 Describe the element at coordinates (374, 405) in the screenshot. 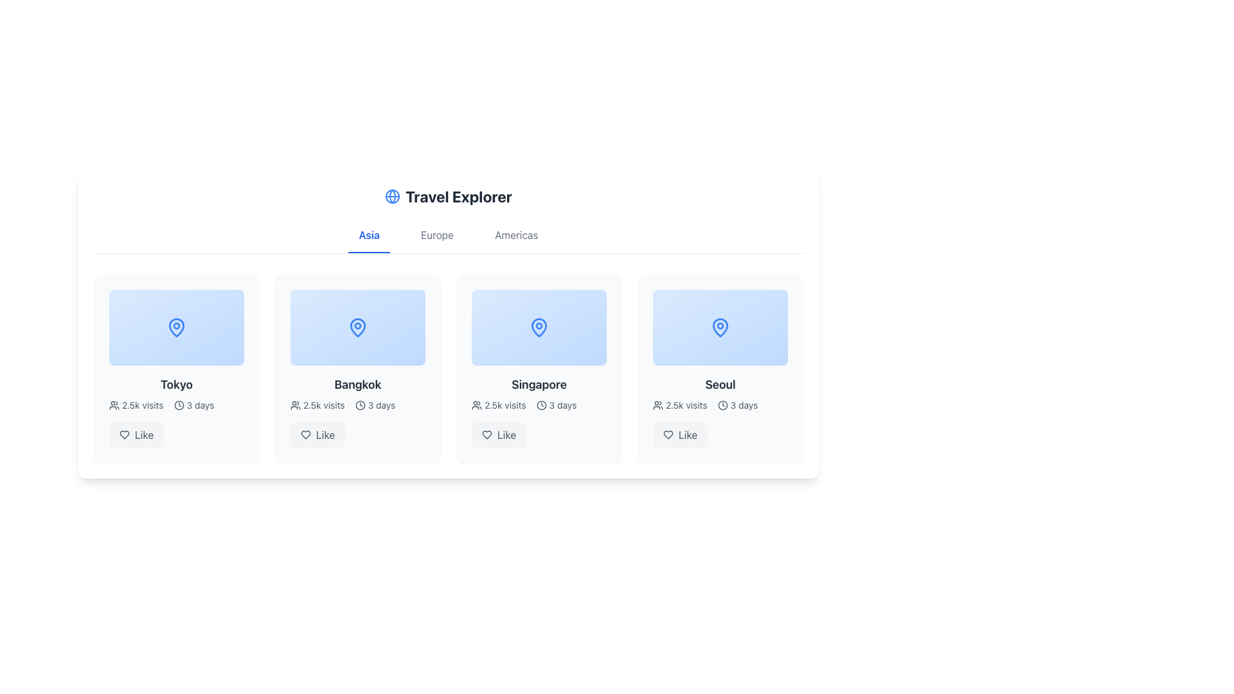

I see `the '3 days' text with the clock icon in the 'Bangkok' card of the 'Asia' section in the 'Travel Explorer' interface` at that location.